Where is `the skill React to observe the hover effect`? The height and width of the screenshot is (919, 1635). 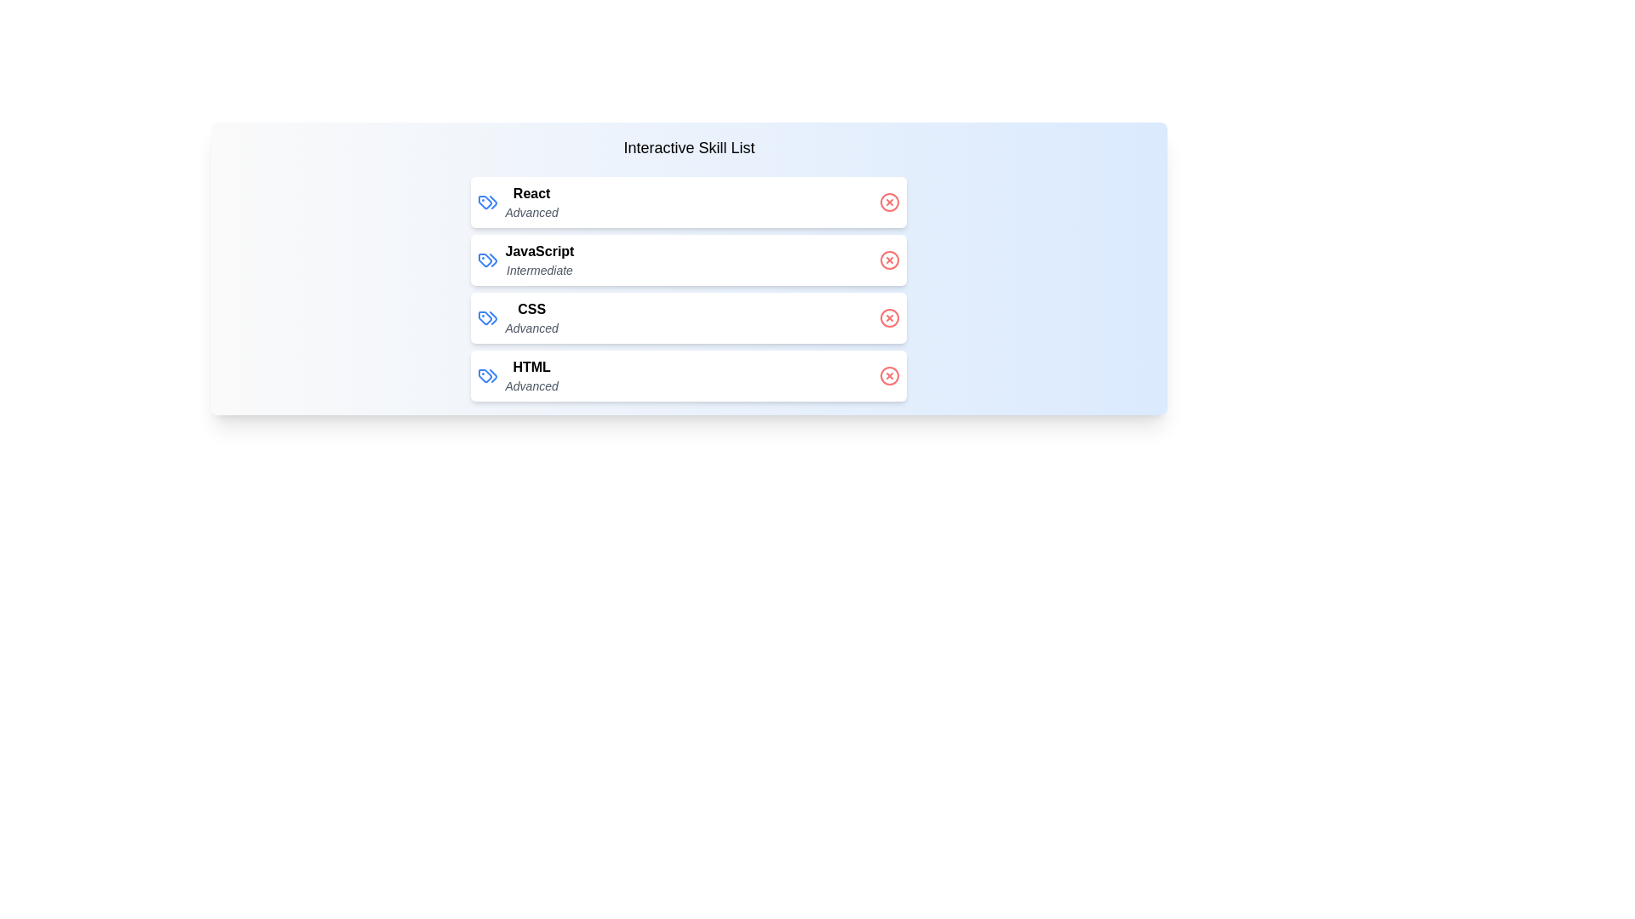 the skill React to observe the hover effect is located at coordinates (689, 202).